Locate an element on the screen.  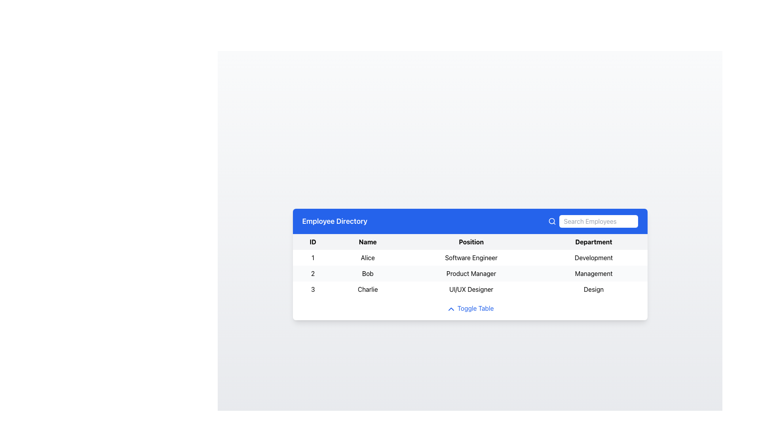
the 'Employee Directory' text label located at the upper-left corner of the header bar, indicating the section title is located at coordinates (334, 221).